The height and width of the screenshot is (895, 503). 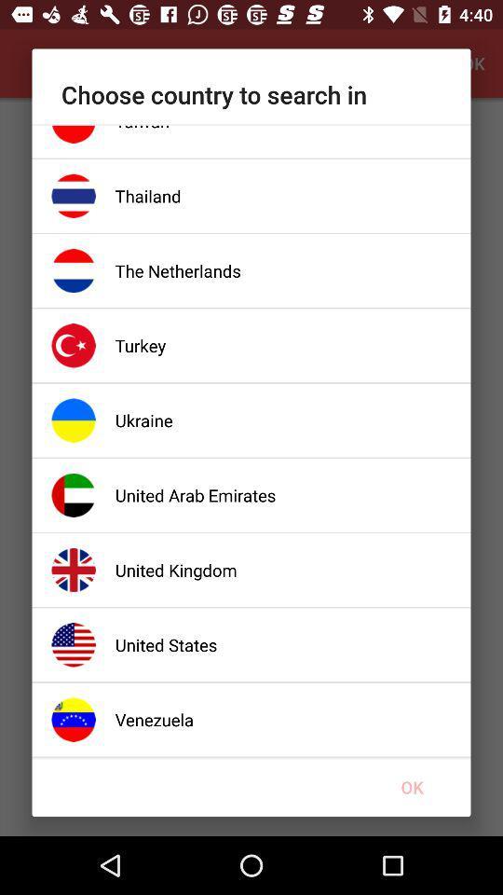 I want to click on ok, so click(x=412, y=786).